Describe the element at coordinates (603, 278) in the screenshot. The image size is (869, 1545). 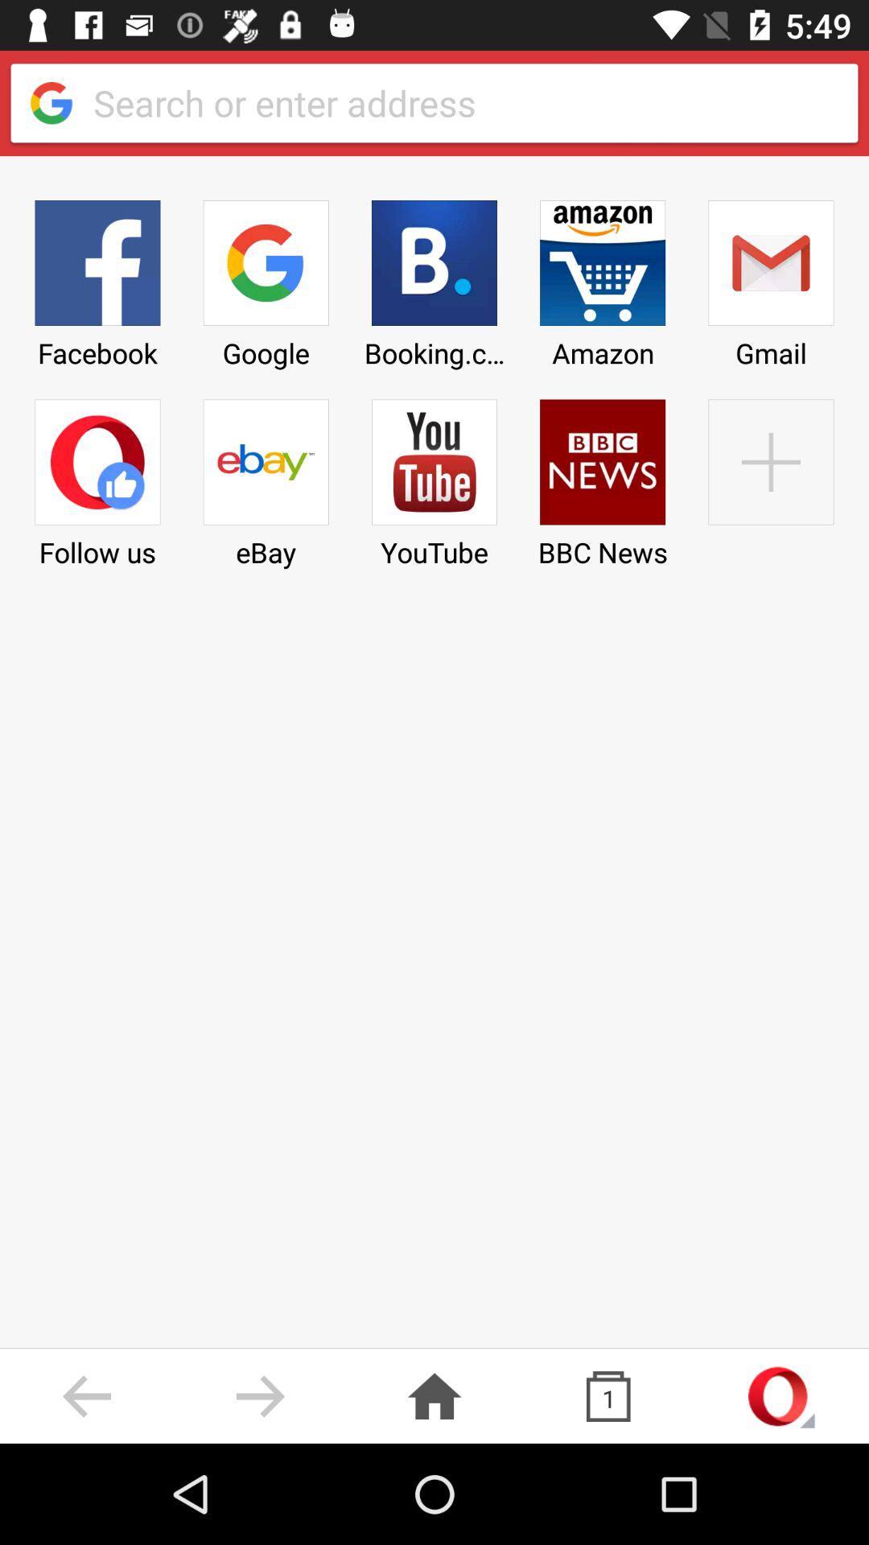
I see `the icon to the right of the booking.com icon` at that location.